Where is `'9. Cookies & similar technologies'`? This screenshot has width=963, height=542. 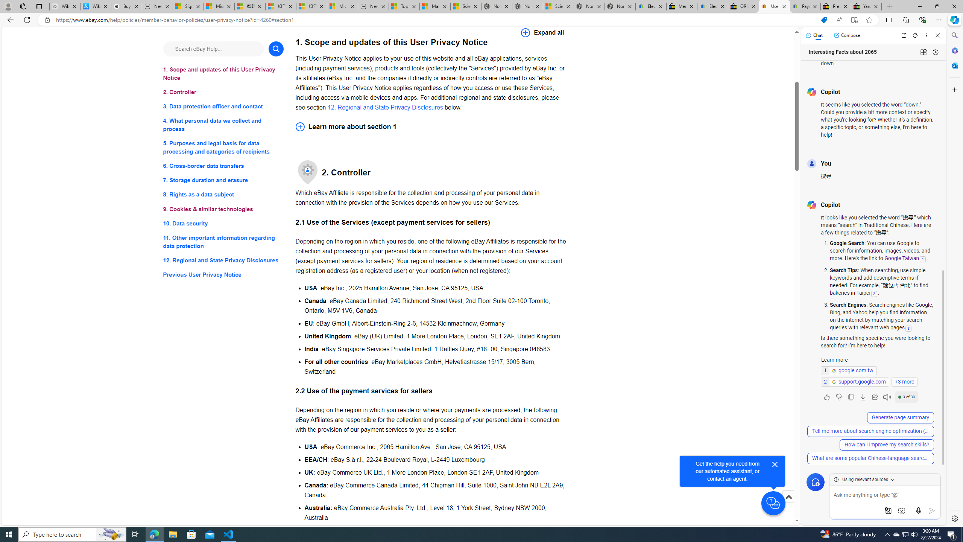
'9. Cookies & similar technologies' is located at coordinates (223, 209).